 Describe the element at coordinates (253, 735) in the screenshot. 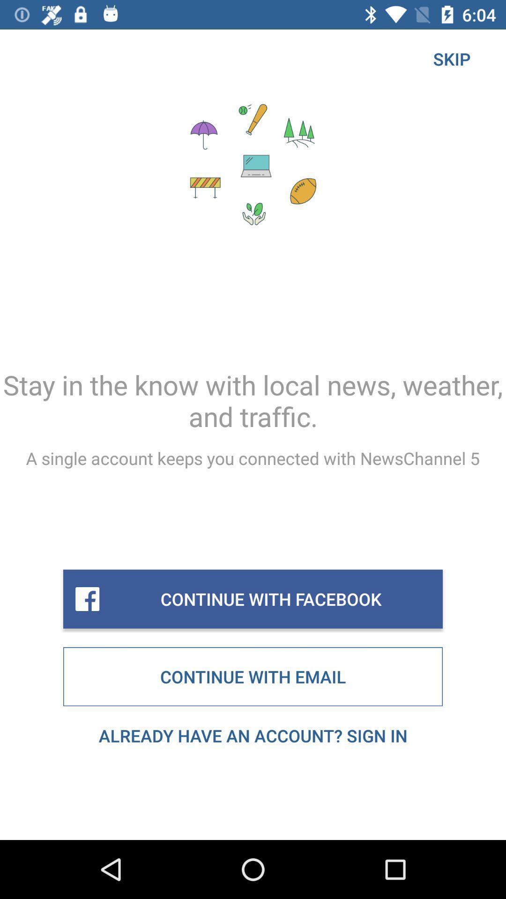

I see `the item below continue with email` at that location.